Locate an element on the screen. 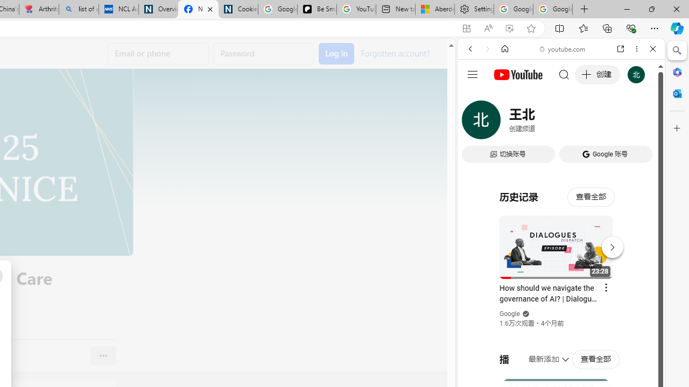  'Music' is located at coordinates (560, 292).